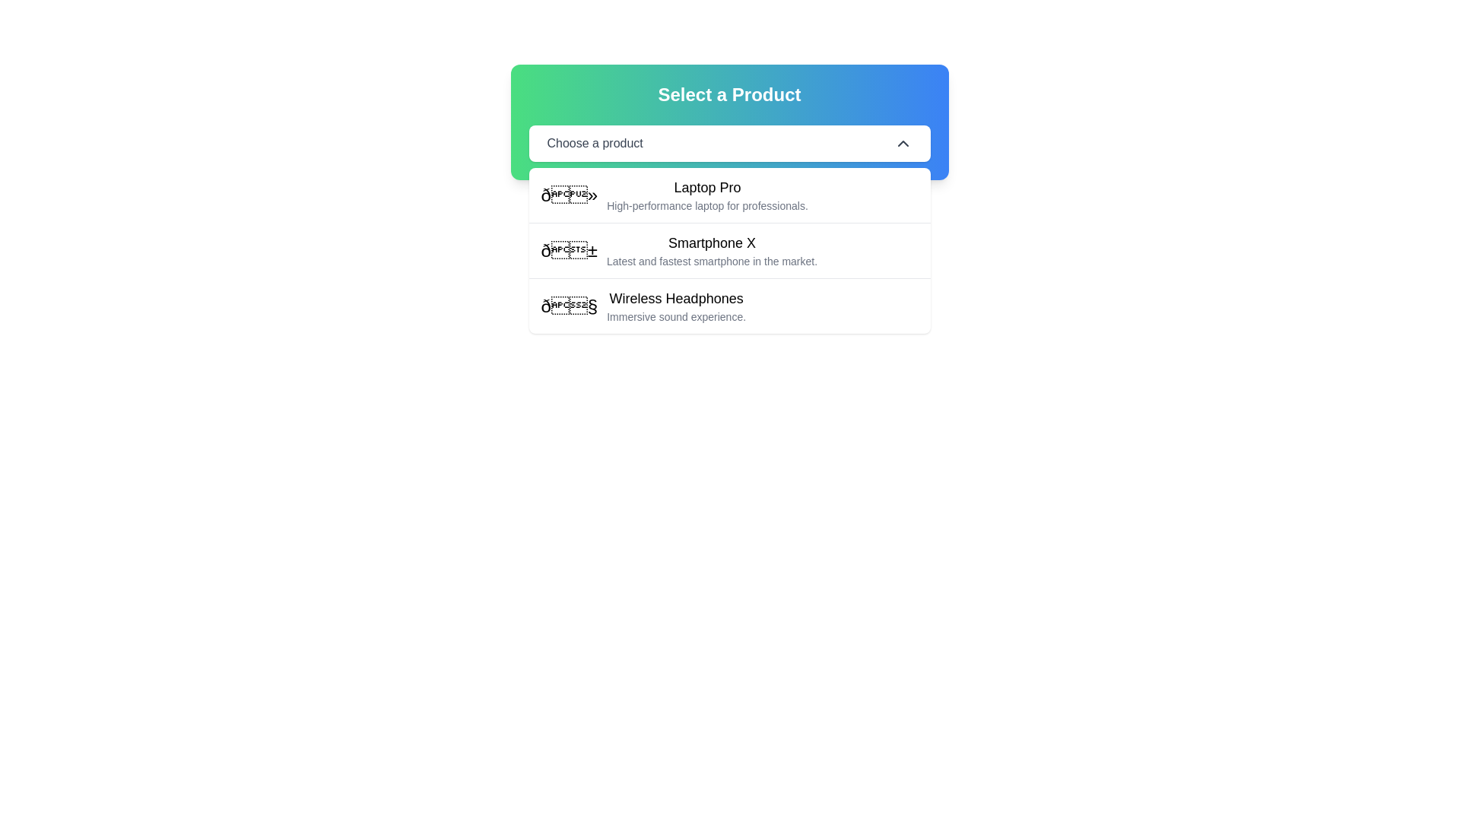 This screenshot has width=1460, height=821. Describe the element at coordinates (728, 144) in the screenshot. I see `the dropdown menu labeled 'Choose a product'` at that location.